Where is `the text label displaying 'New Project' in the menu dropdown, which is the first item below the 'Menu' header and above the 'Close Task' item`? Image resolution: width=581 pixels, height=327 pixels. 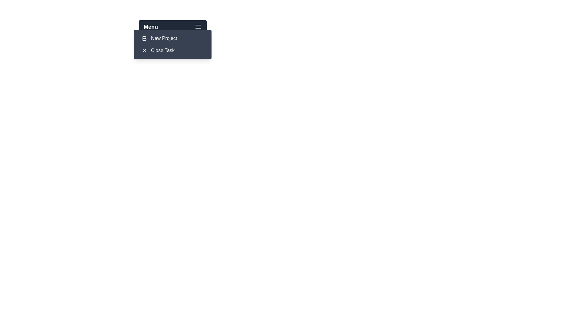 the text label displaying 'New Project' in the menu dropdown, which is the first item below the 'Menu' header and above the 'Close Task' item is located at coordinates (164, 38).